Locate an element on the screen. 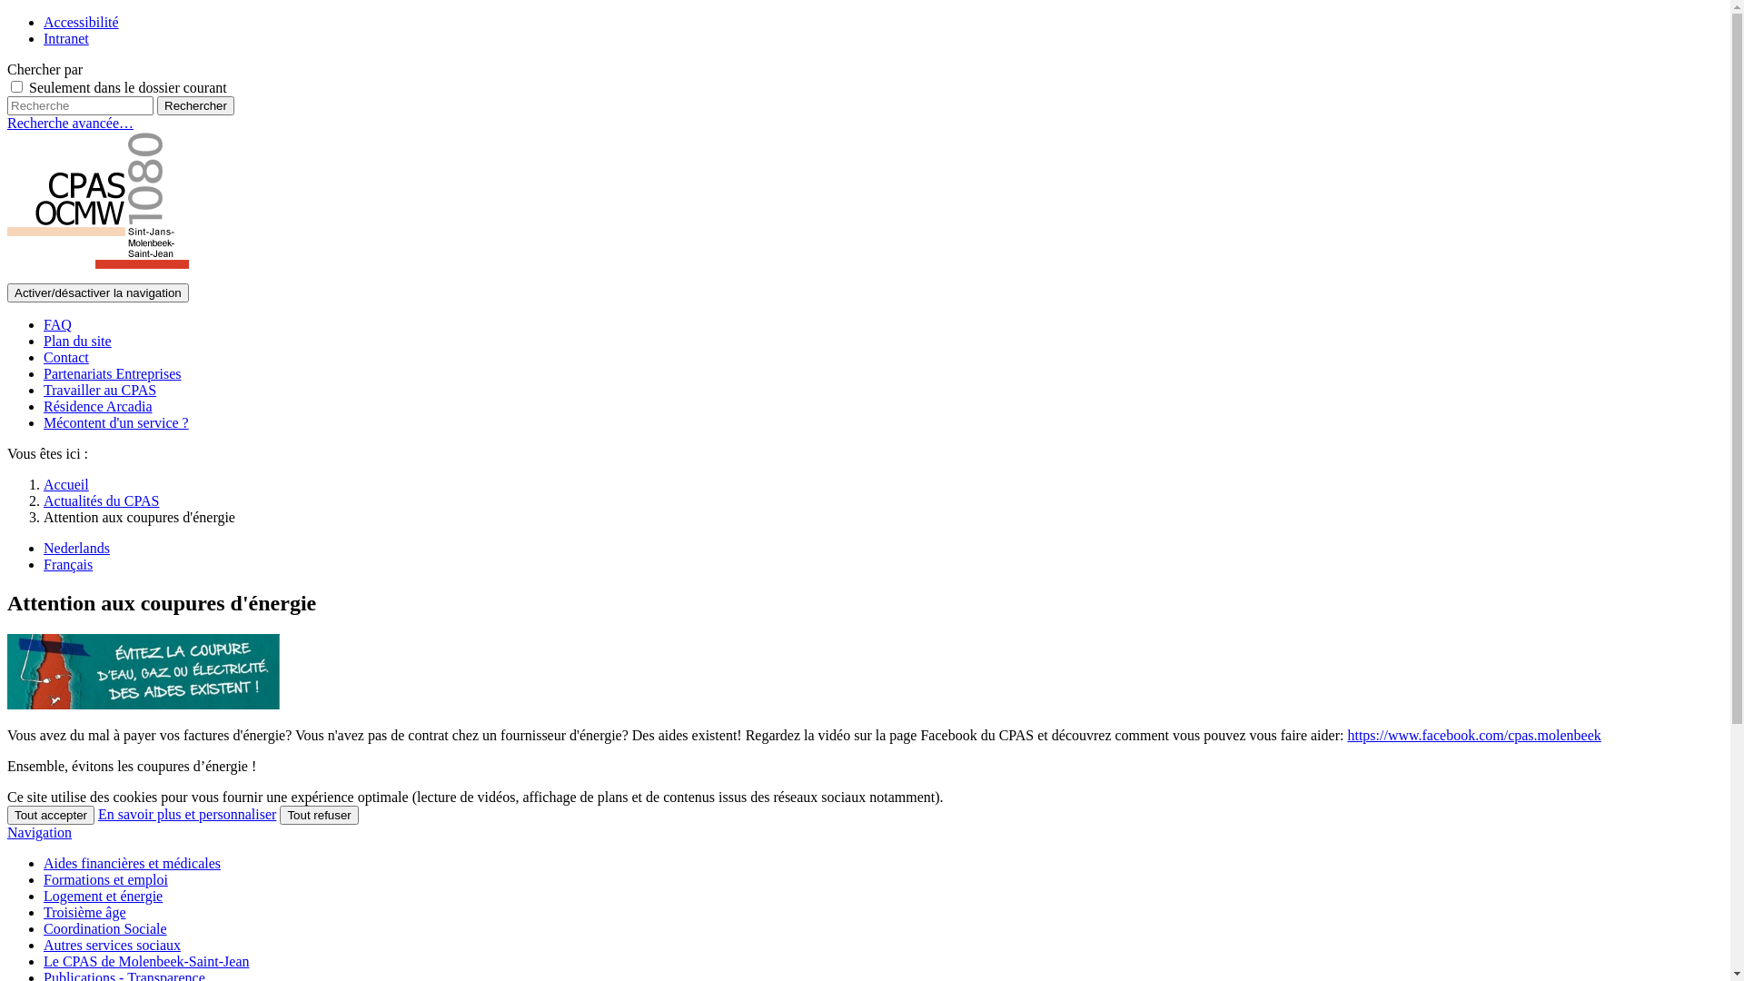 The width and height of the screenshot is (1744, 981). 'Plan du site' is located at coordinates (76, 341).